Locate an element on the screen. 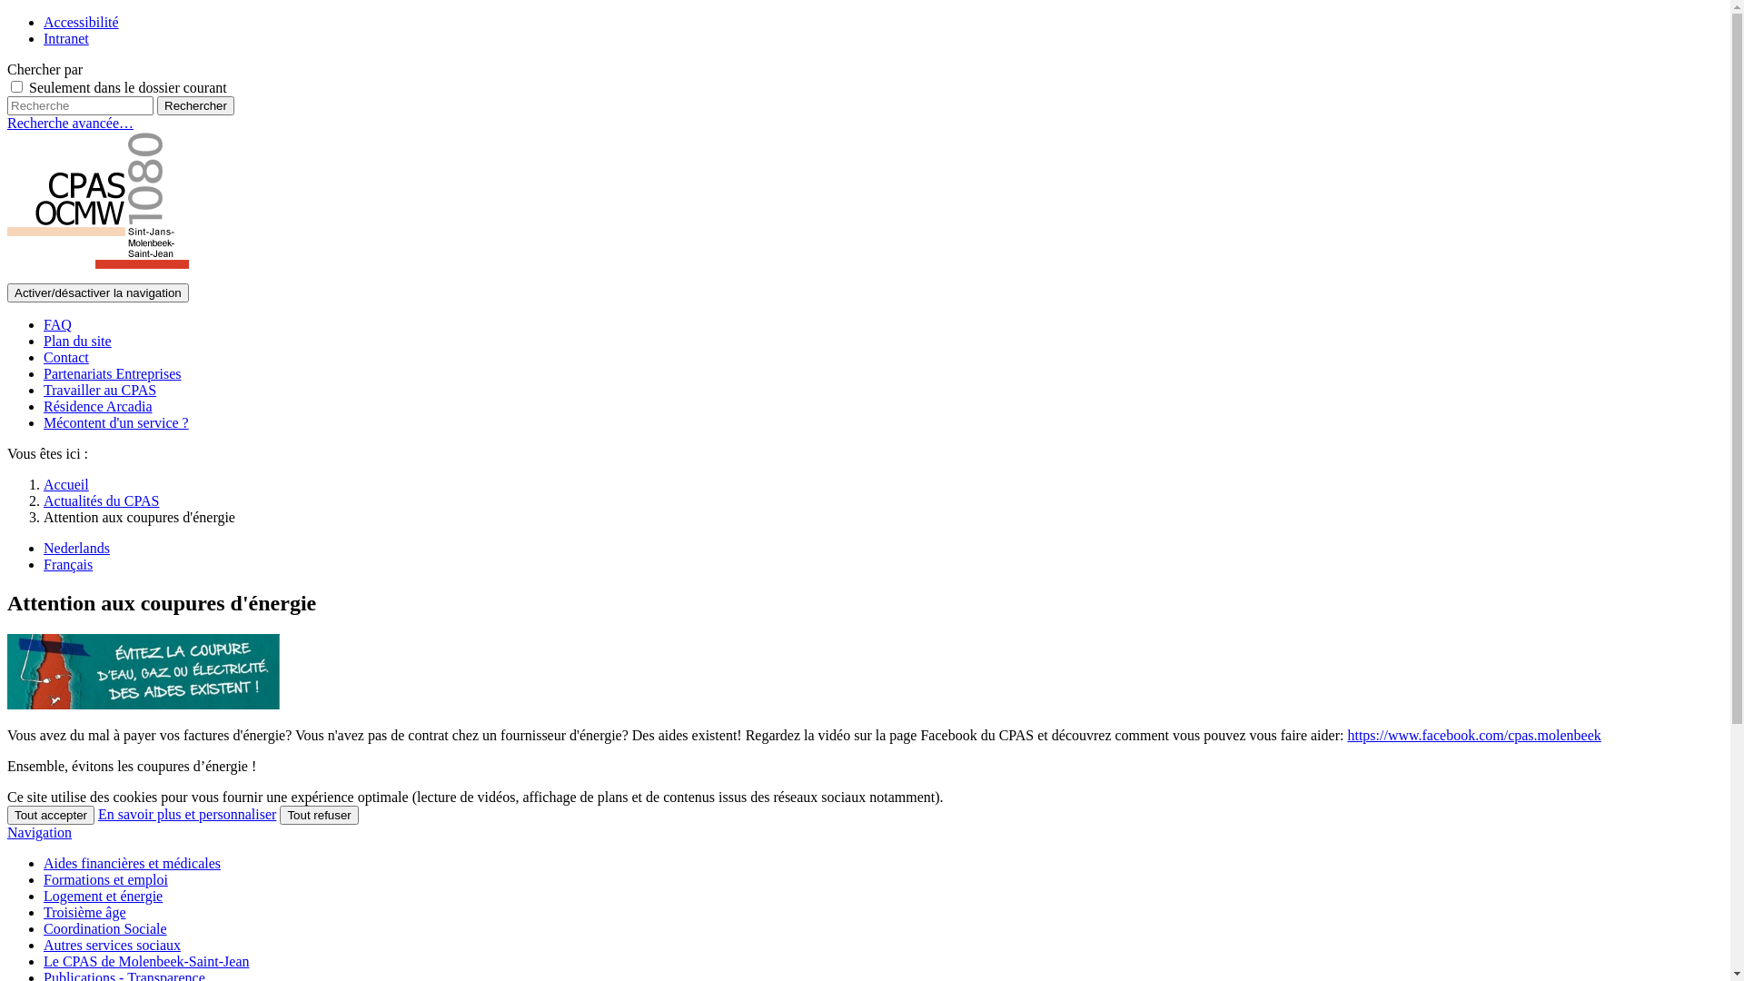 The width and height of the screenshot is (1744, 981). 'Plan du site' is located at coordinates (76, 341).